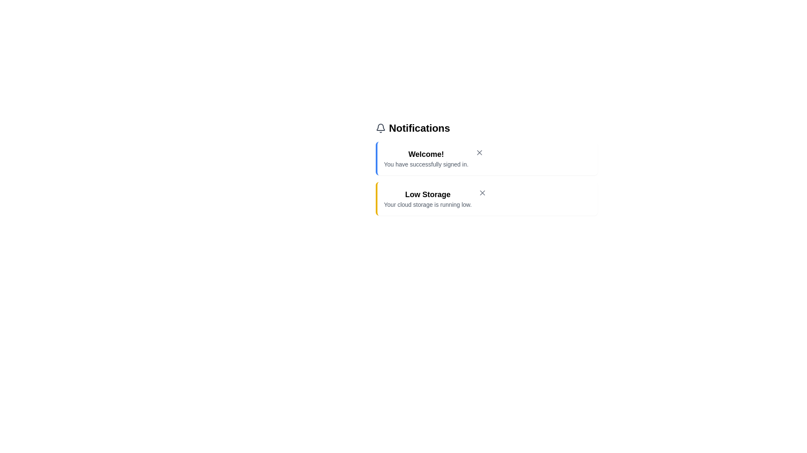 The image size is (807, 453). Describe the element at coordinates (483, 193) in the screenshot. I see `the small 'X' button` at that location.